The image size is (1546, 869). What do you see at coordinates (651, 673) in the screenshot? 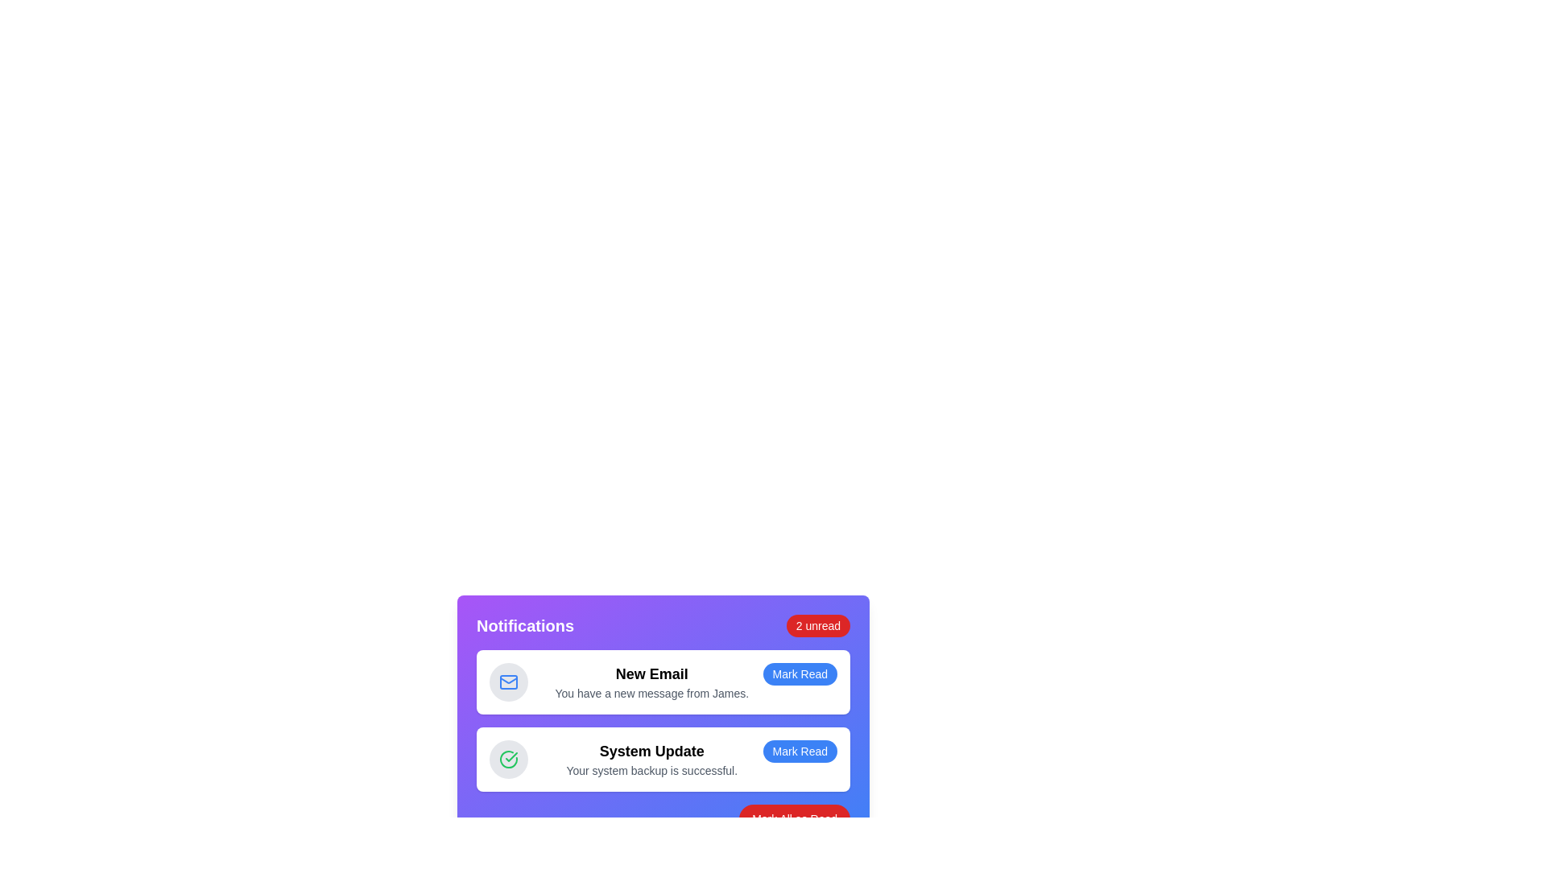
I see `the 'New Email' text label, which is styled in bold with a larger font size and black color, positioned at the top of the notification panel` at bounding box center [651, 673].